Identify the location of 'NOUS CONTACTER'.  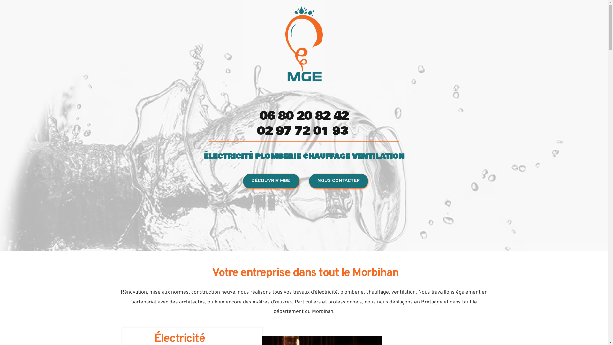
(338, 181).